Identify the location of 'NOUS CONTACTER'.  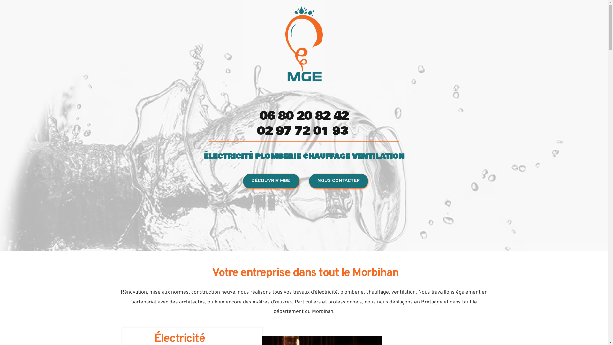
(338, 181).